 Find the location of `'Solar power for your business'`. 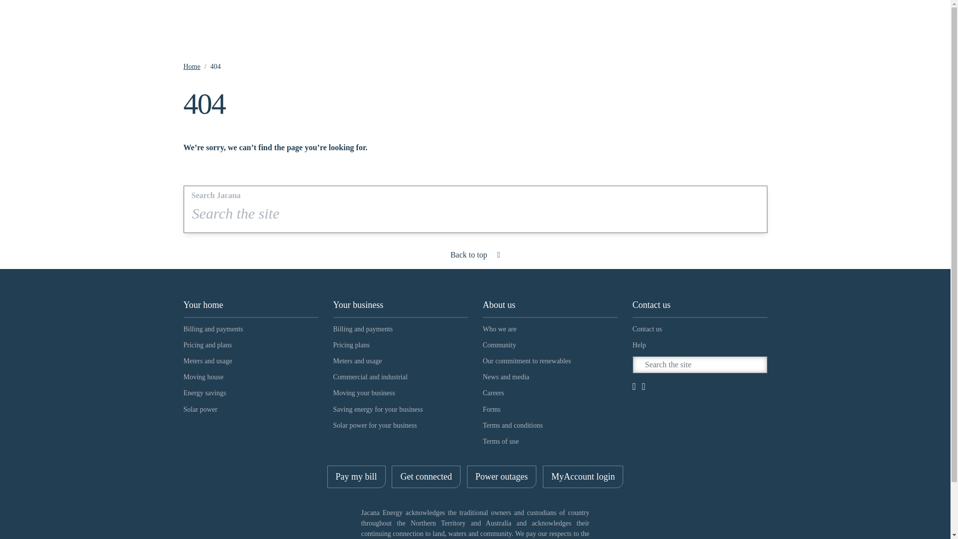

'Solar power for your business' is located at coordinates (400, 427).